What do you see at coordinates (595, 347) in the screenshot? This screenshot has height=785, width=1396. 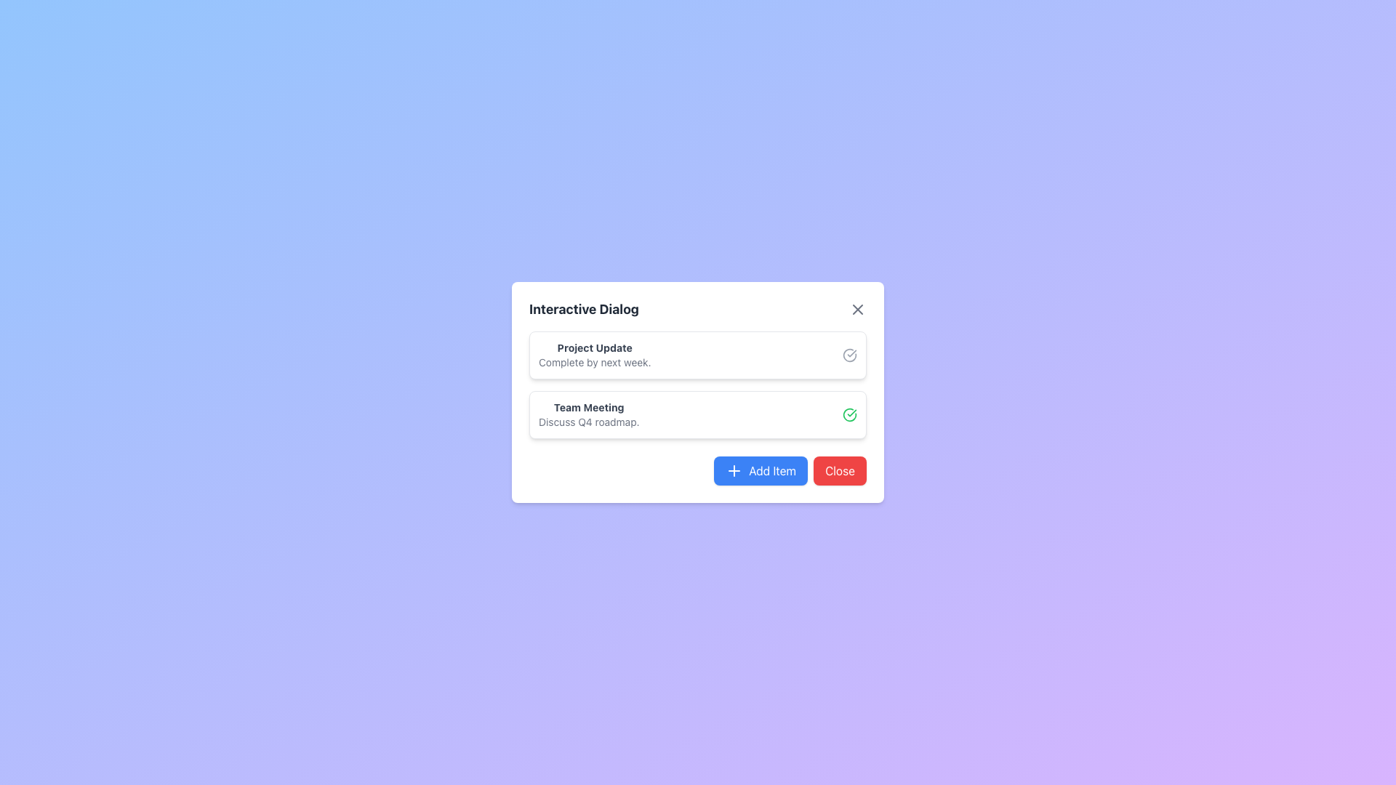 I see `the bold text element reading 'Project Update' located at the top of the first item in the interactive dialog box` at bounding box center [595, 347].